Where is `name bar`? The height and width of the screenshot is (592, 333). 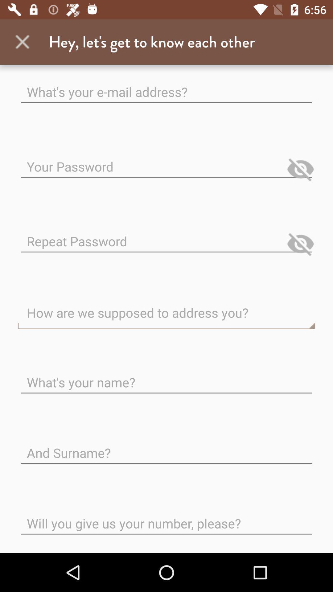
name bar is located at coordinates (166, 377).